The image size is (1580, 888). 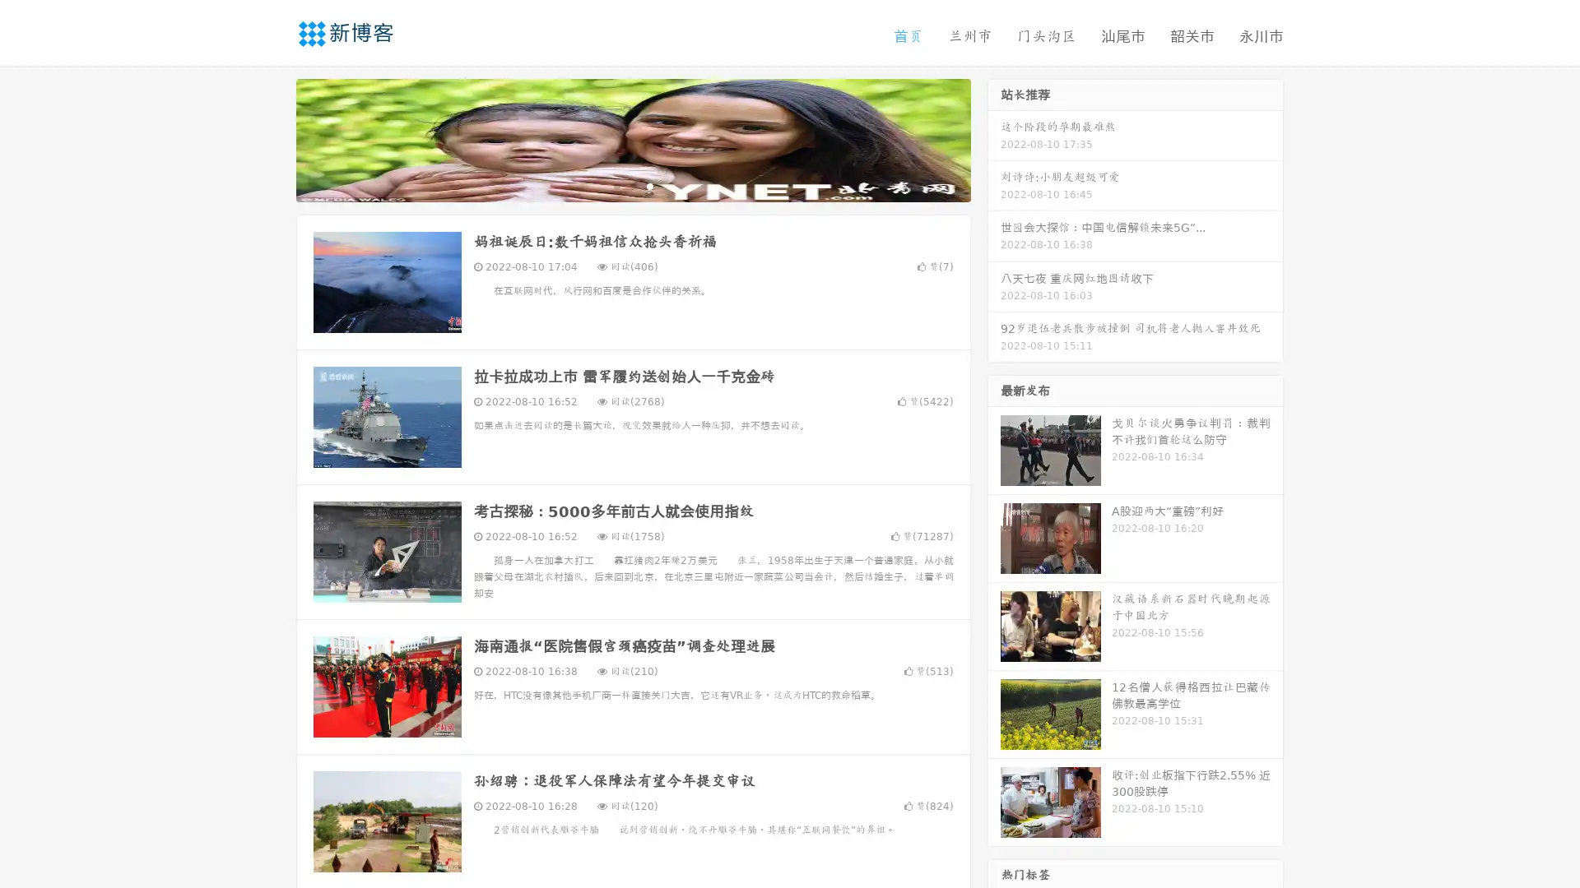 I want to click on Go to slide 3, so click(x=649, y=185).